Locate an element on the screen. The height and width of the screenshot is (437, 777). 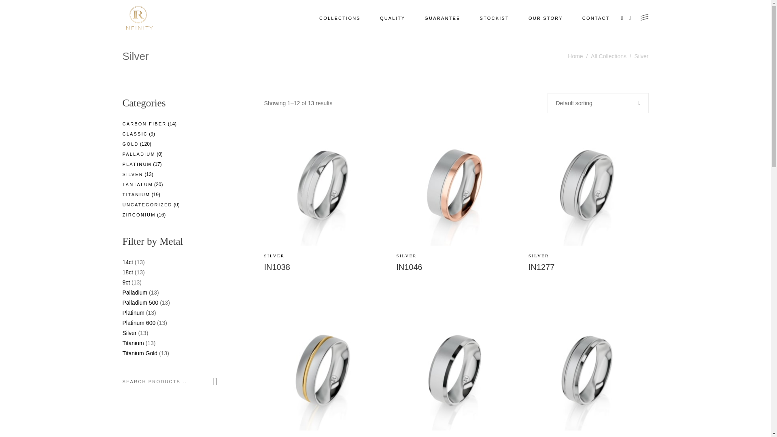
'CARBON FIBER' is located at coordinates (144, 123).